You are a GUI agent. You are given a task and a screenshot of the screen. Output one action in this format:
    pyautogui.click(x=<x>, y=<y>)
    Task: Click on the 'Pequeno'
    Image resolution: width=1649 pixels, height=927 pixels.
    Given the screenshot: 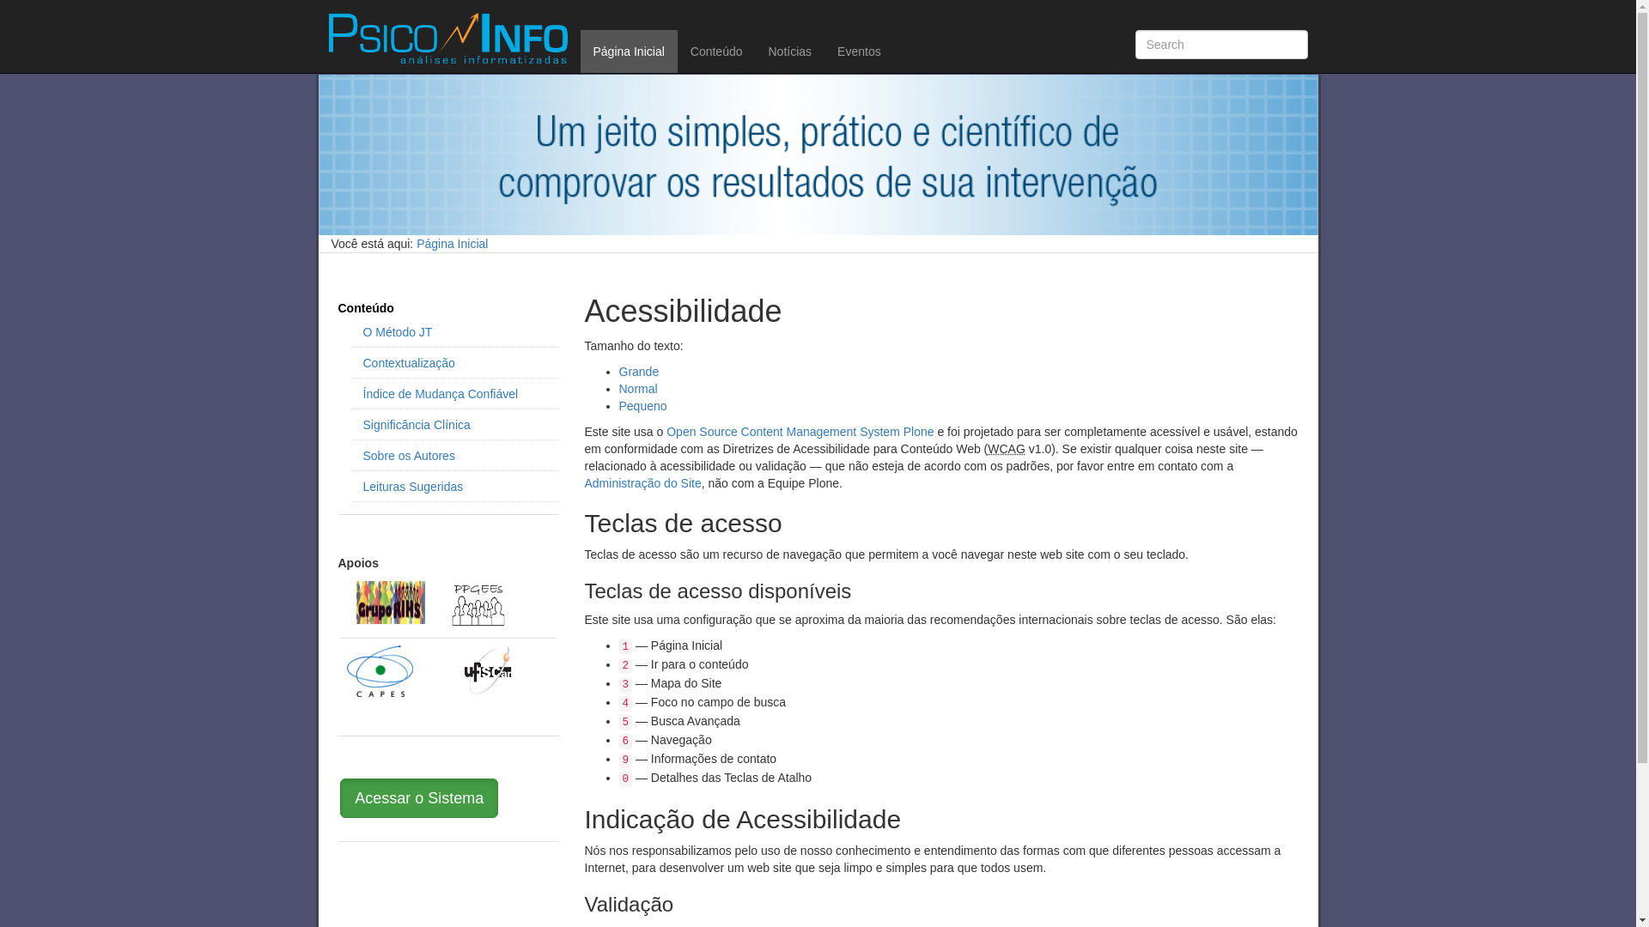 What is the action you would take?
    pyautogui.click(x=642, y=406)
    